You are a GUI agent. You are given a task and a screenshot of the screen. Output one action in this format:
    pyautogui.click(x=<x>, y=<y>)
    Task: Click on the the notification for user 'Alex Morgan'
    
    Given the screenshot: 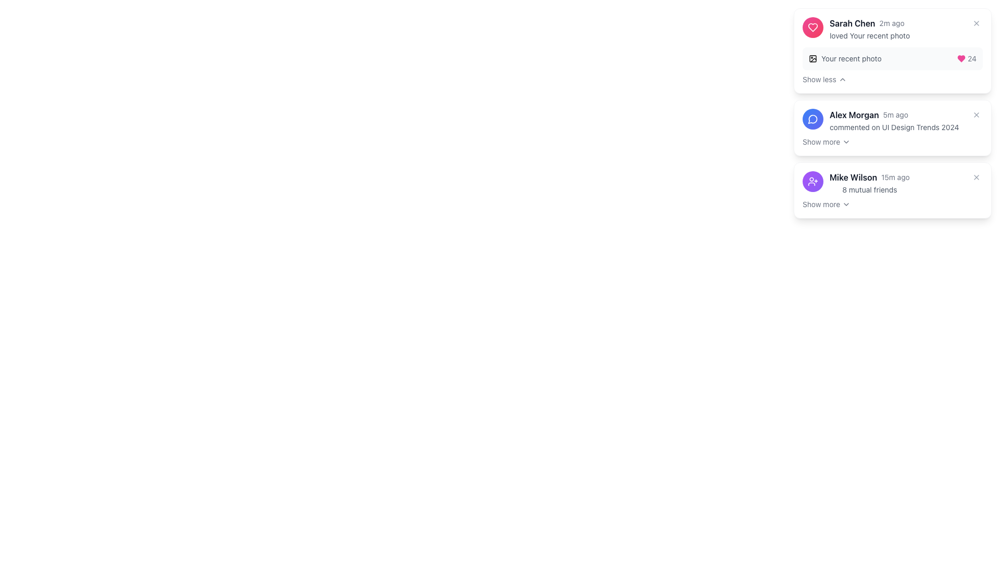 What is the action you would take?
    pyautogui.click(x=880, y=120)
    